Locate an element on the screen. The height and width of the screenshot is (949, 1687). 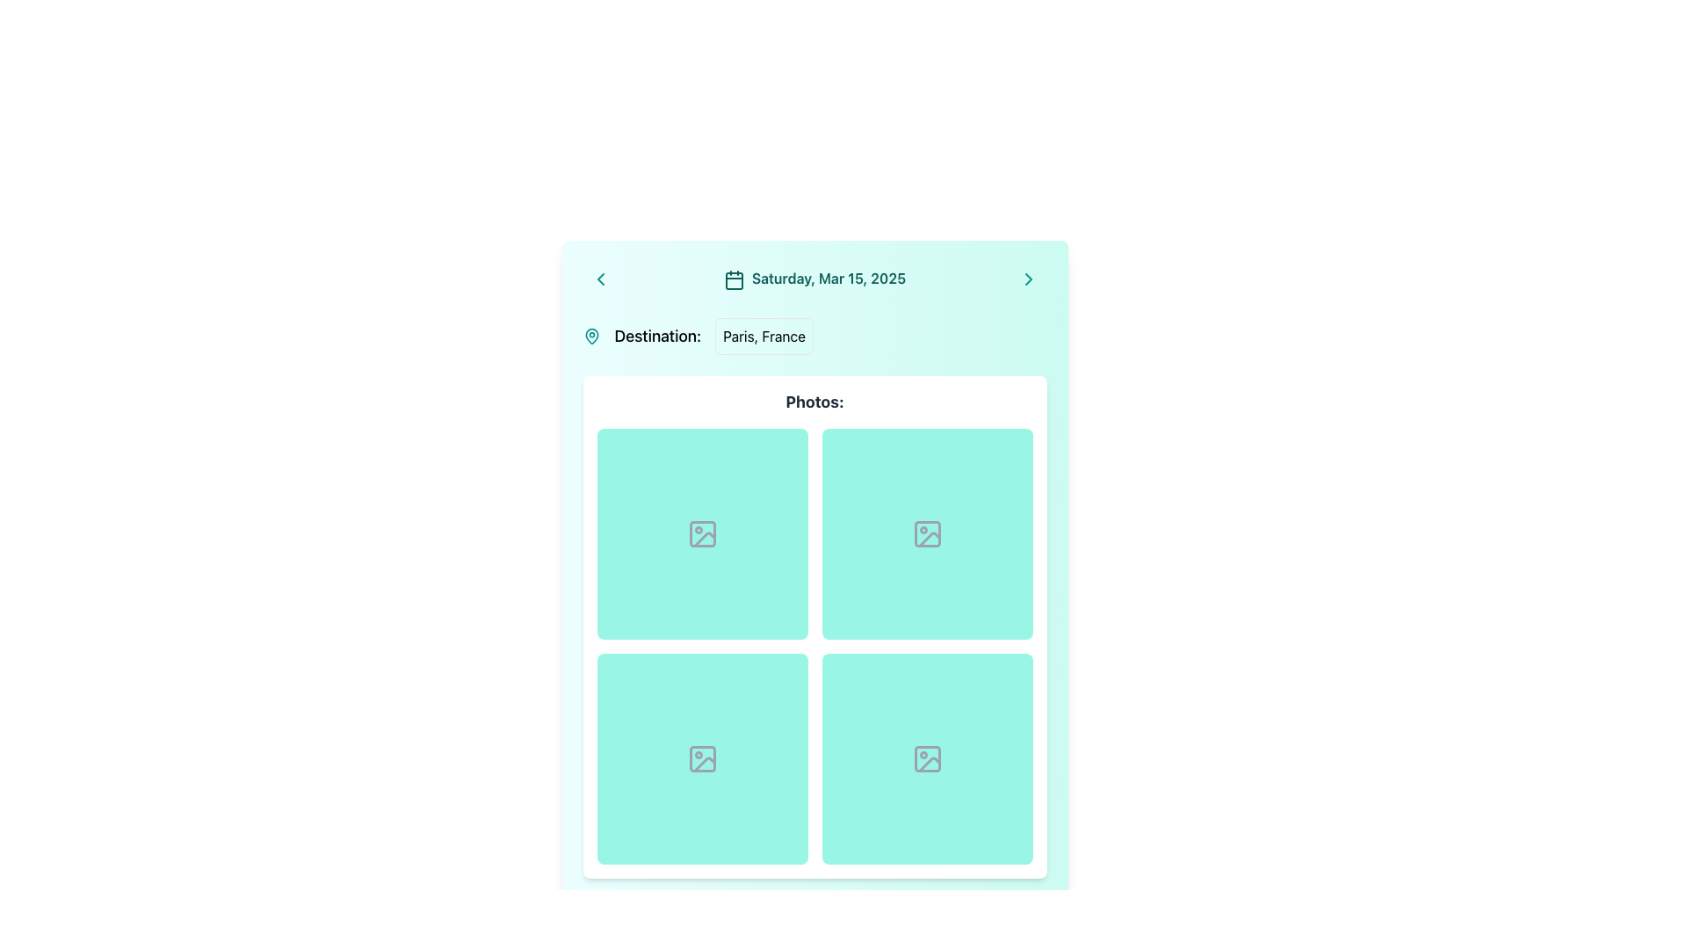
the SVG rectangle within the calendar icon located at the top center of the interface, slightly to the left of the main date text is located at coordinates (734, 279).